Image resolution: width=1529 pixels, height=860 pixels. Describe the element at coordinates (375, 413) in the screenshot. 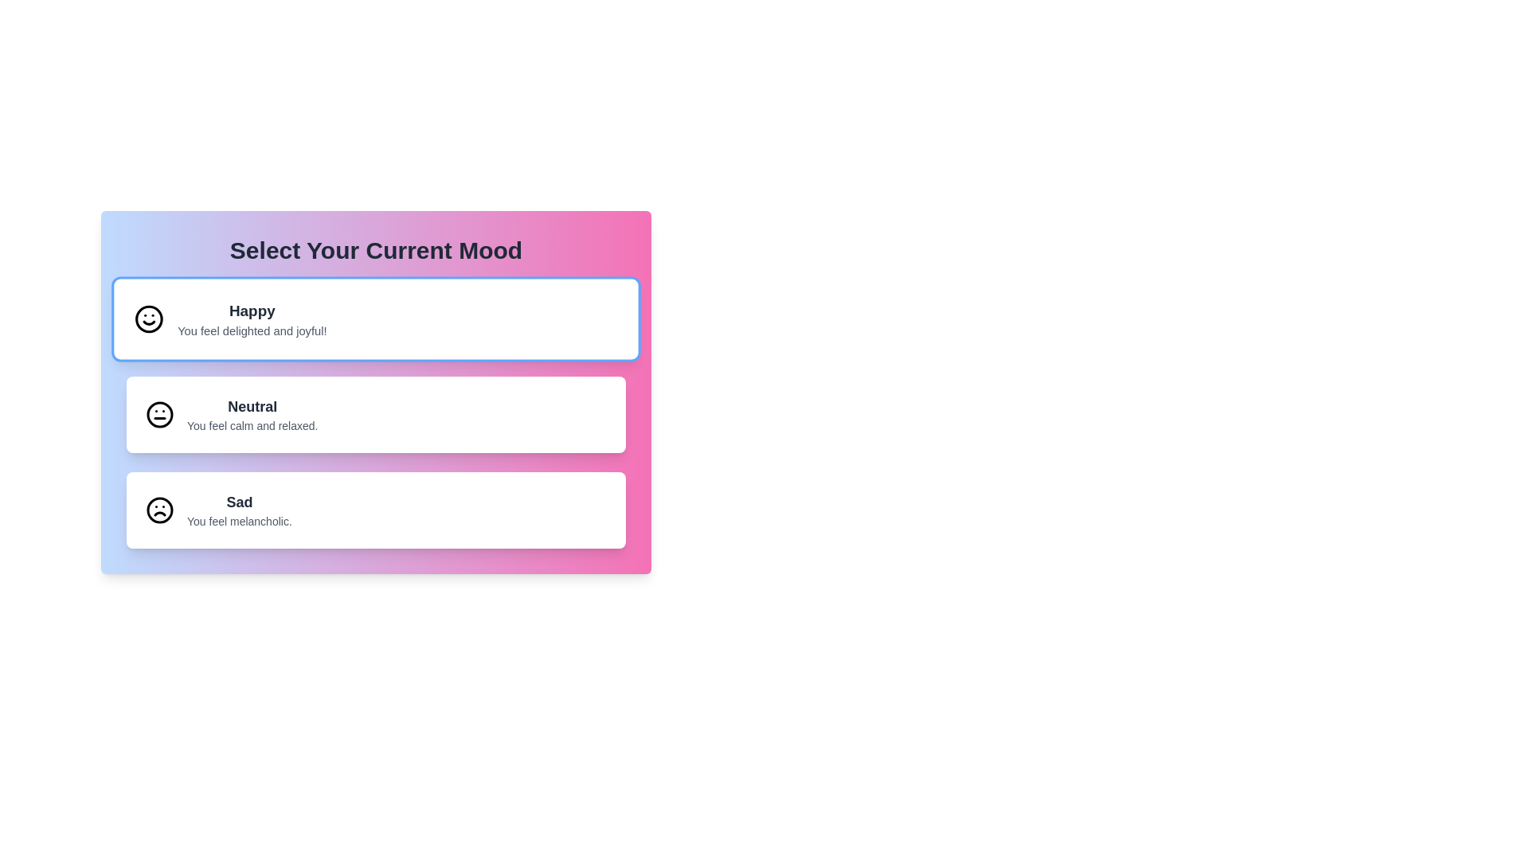

I see `the 'Neutral' mood button to observe visual feedback, which is centrally located between the 'Happy' and 'Sad' buttons in a vertical arrangement` at that location.